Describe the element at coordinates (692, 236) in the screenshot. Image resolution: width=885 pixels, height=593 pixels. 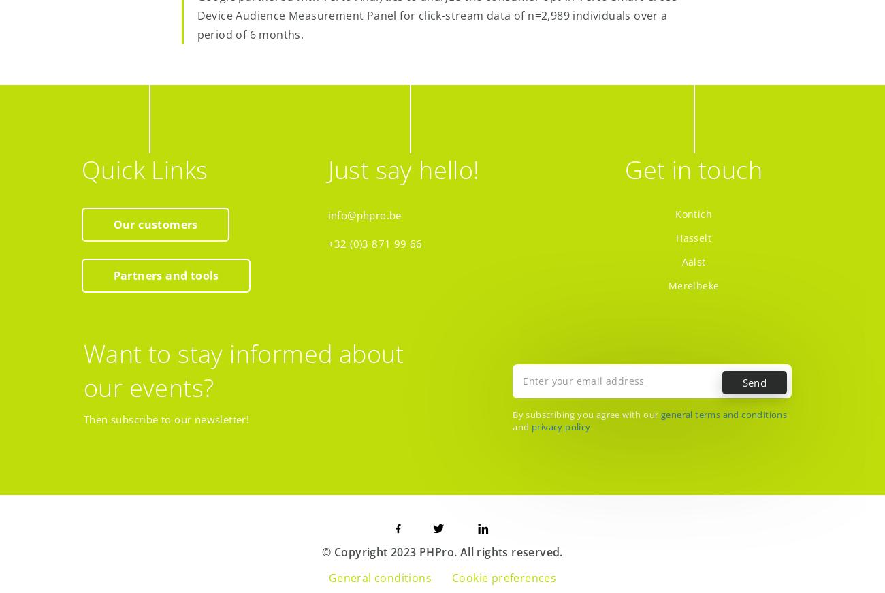
I see `'Hasselt'` at that location.